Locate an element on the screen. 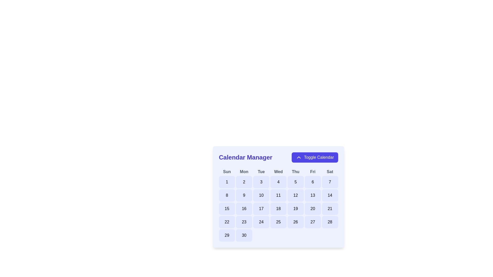 Image resolution: width=493 pixels, height=277 pixels. the button-like calendar date cell displaying the number '6', located in the first row under the header 'Fri', to change its background color is located at coordinates (312, 182).